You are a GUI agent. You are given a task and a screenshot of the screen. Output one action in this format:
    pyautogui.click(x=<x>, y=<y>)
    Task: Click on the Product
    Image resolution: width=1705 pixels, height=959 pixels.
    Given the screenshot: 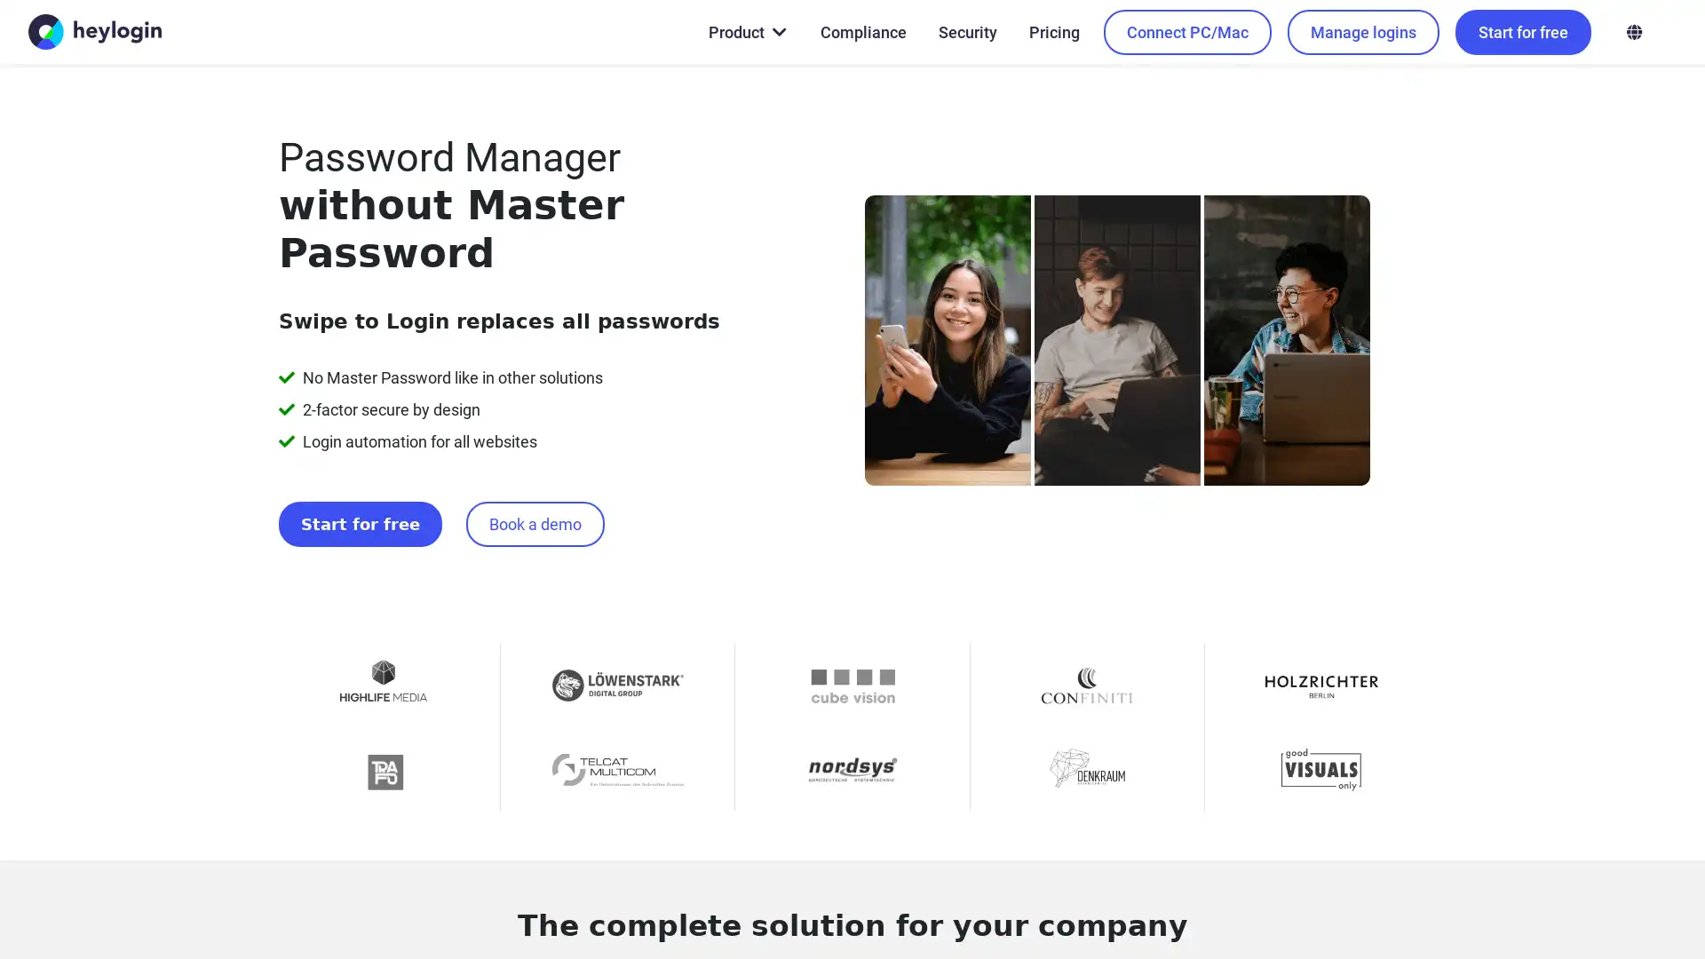 What is the action you would take?
    pyautogui.click(x=746, y=31)
    